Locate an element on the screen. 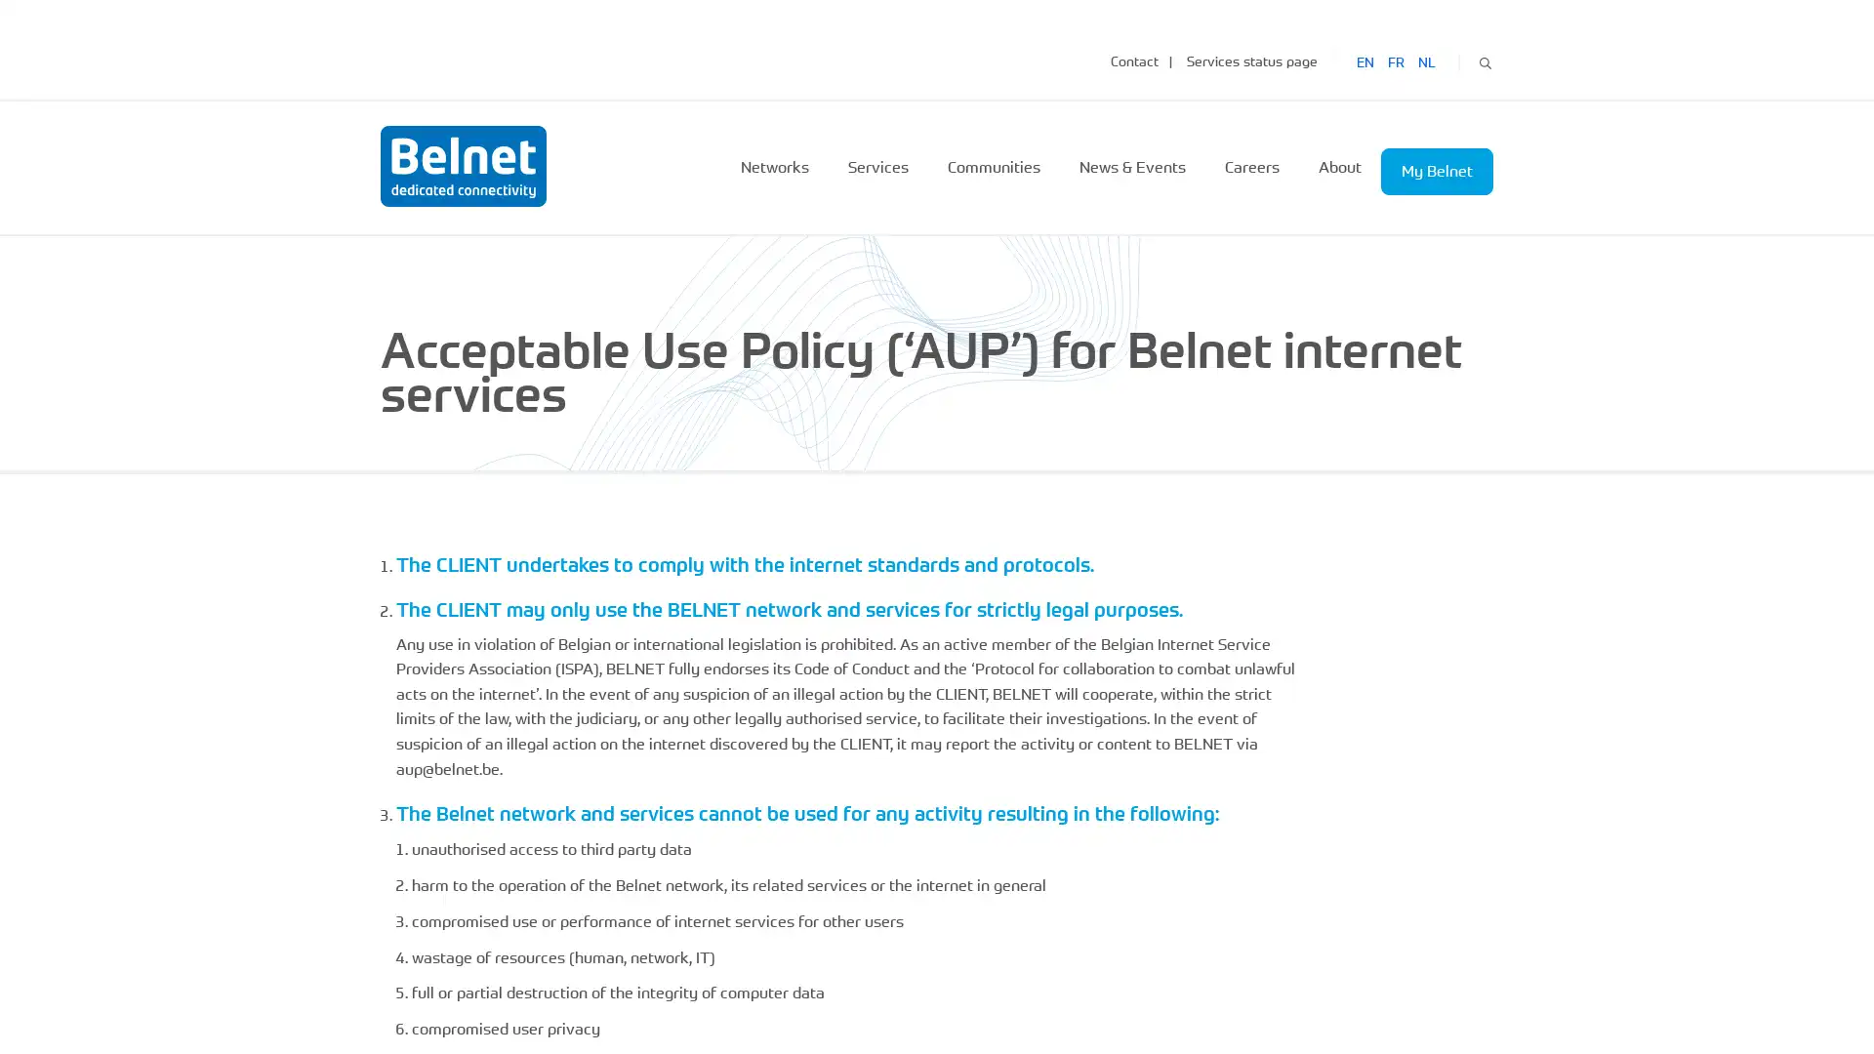  Search is located at coordinates (1484, 60).